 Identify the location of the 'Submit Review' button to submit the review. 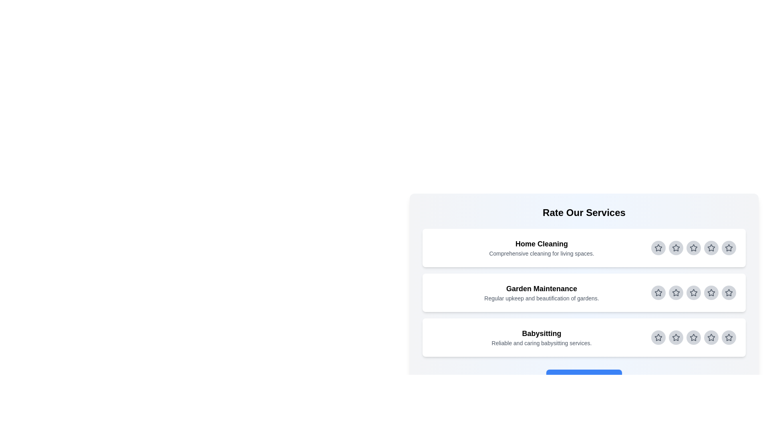
(584, 379).